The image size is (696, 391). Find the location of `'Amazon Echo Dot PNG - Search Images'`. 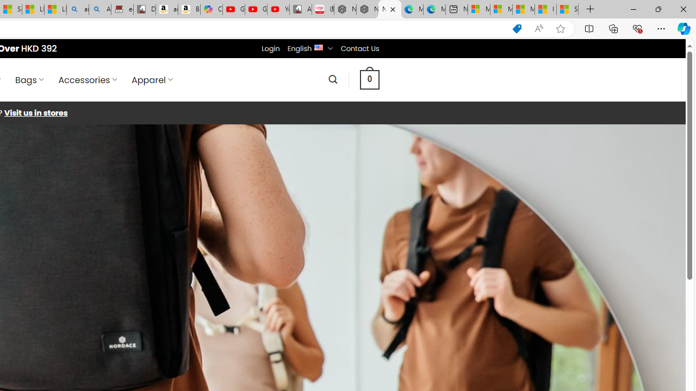

'Amazon Echo Dot PNG - Search Images' is located at coordinates (100, 9).